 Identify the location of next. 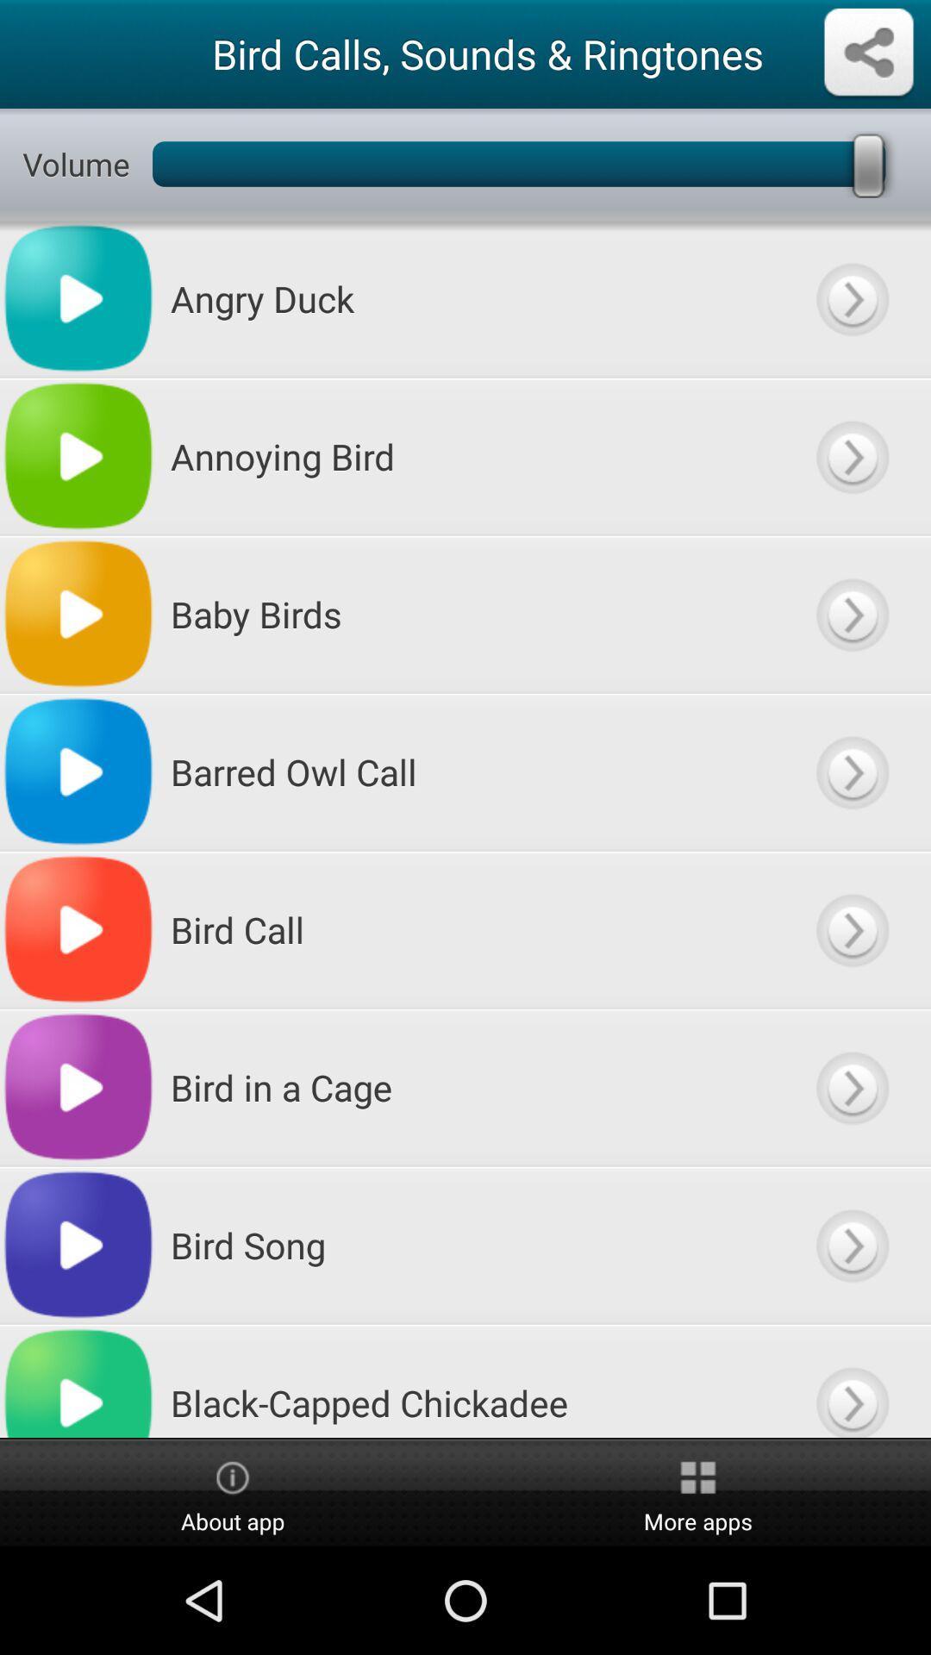
(851, 771).